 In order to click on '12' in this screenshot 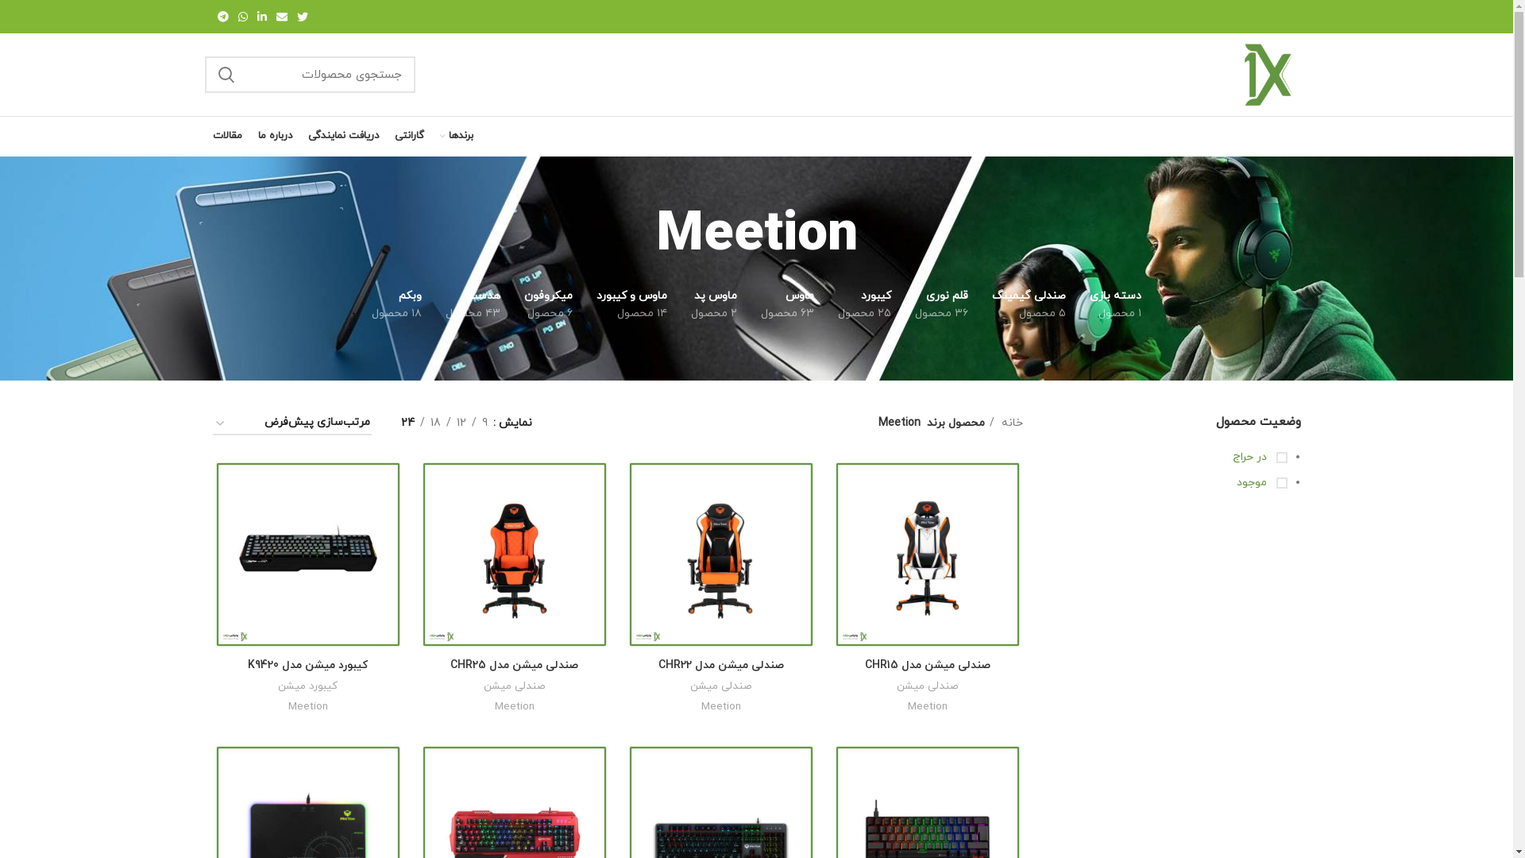, I will do `click(460, 422)`.